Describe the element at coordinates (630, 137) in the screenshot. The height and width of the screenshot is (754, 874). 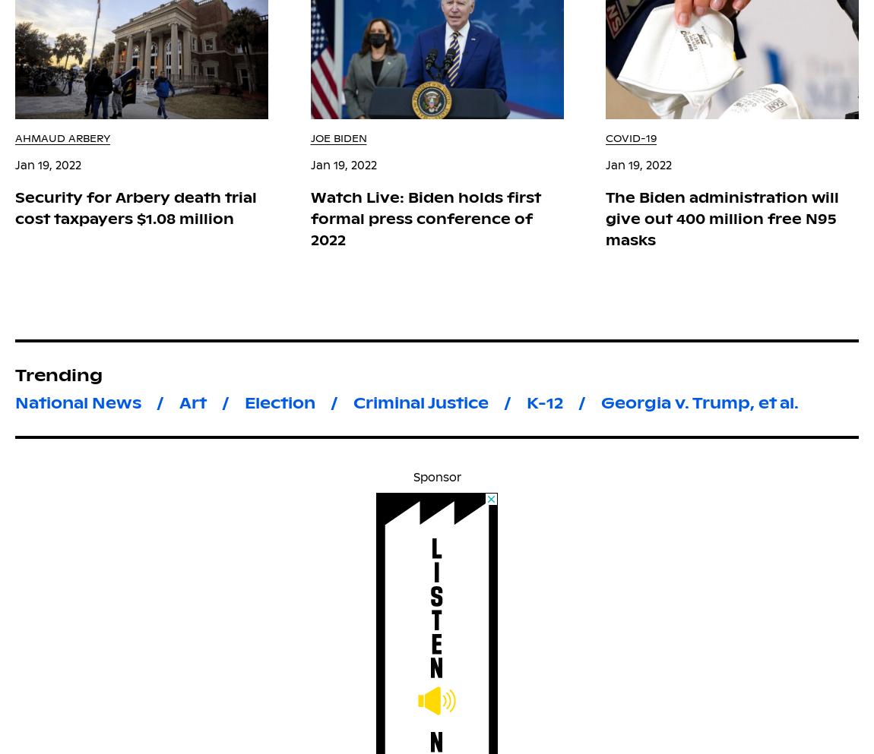
I see `'COVID-19'` at that location.